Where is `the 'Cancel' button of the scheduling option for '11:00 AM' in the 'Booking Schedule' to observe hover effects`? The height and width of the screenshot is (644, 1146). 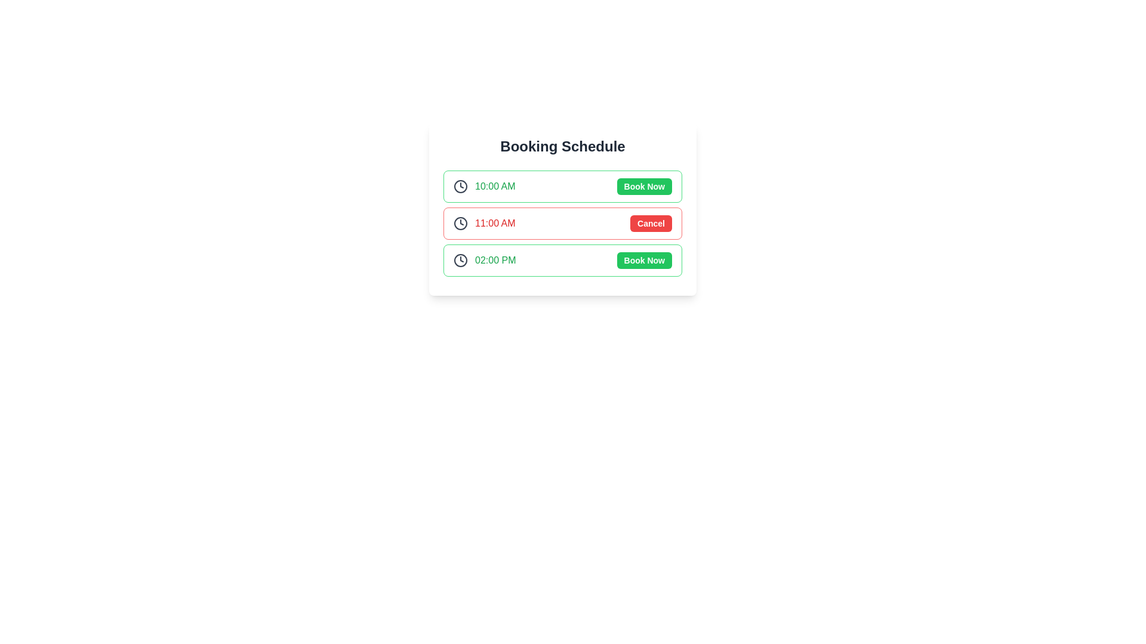
the 'Cancel' button of the scheduling option for '11:00 AM' in the 'Booking Schedule' to observe hover effects is located at coordinates (562, 223).